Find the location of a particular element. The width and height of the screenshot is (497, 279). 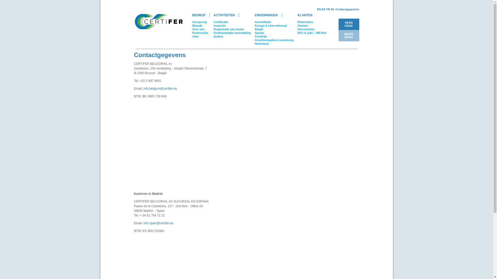

'Oorsprong' is located at coordinates (192, 21).